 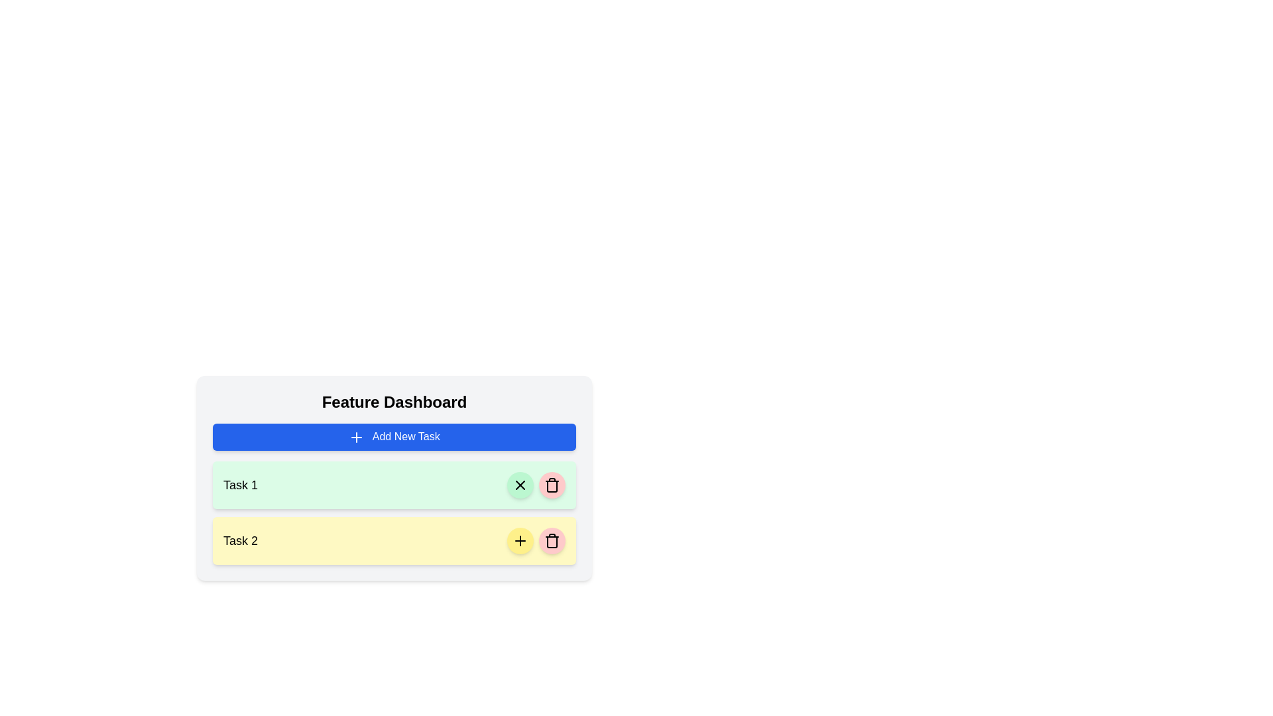 I want to click on the circular pink button with a trash icon located on the right side of the horizontal layout for Task 1 in the dashboard section, so click(x=552, y=485).